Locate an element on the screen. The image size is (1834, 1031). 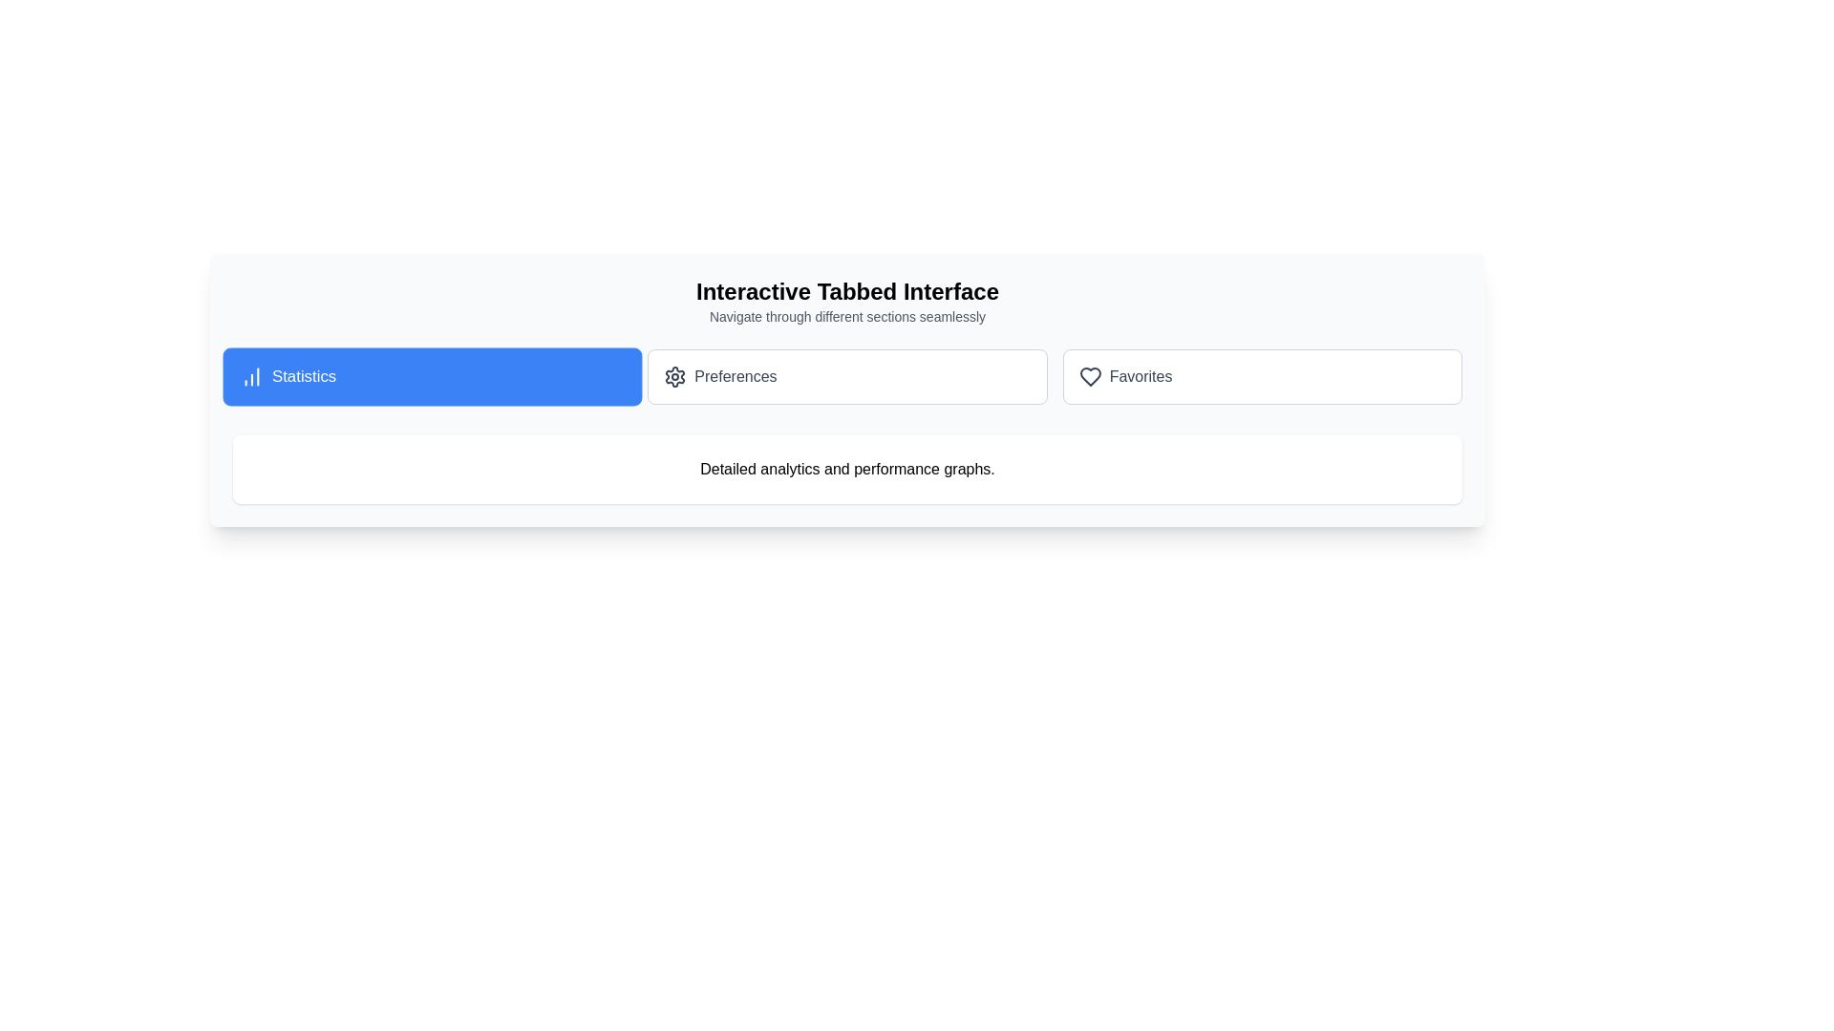
the tab labeled Statistics is located at coordinates (432, 376).